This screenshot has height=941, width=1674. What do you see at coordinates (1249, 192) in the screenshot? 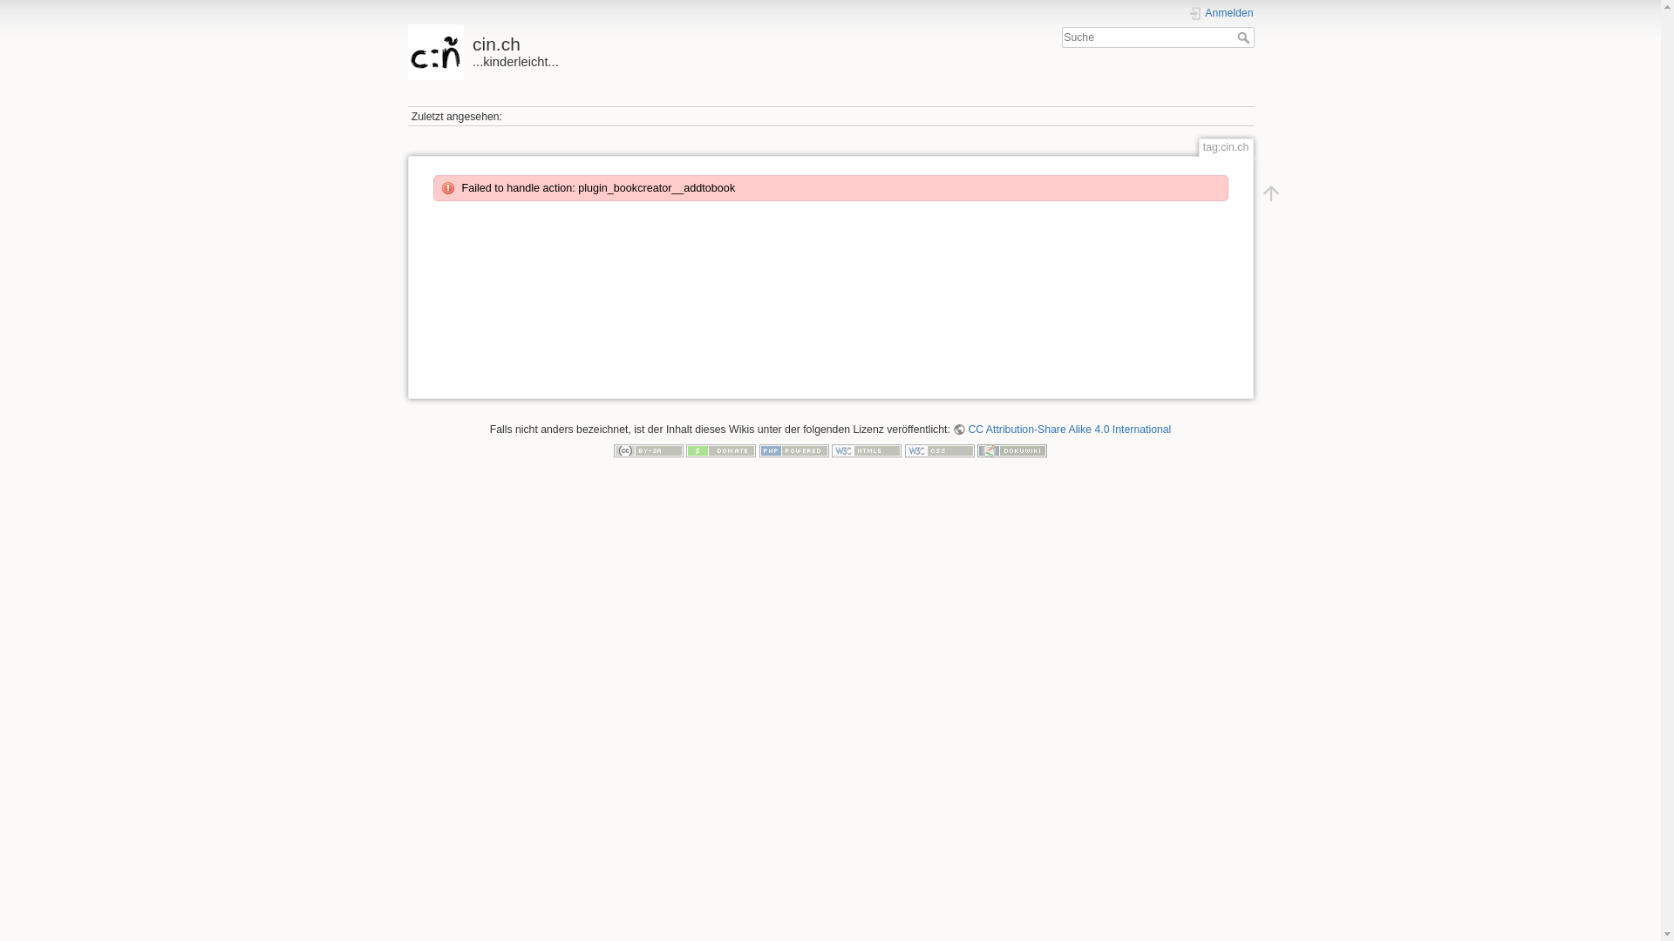
I see `'Nach oben [t]'` at bounding box center [1249, 192].